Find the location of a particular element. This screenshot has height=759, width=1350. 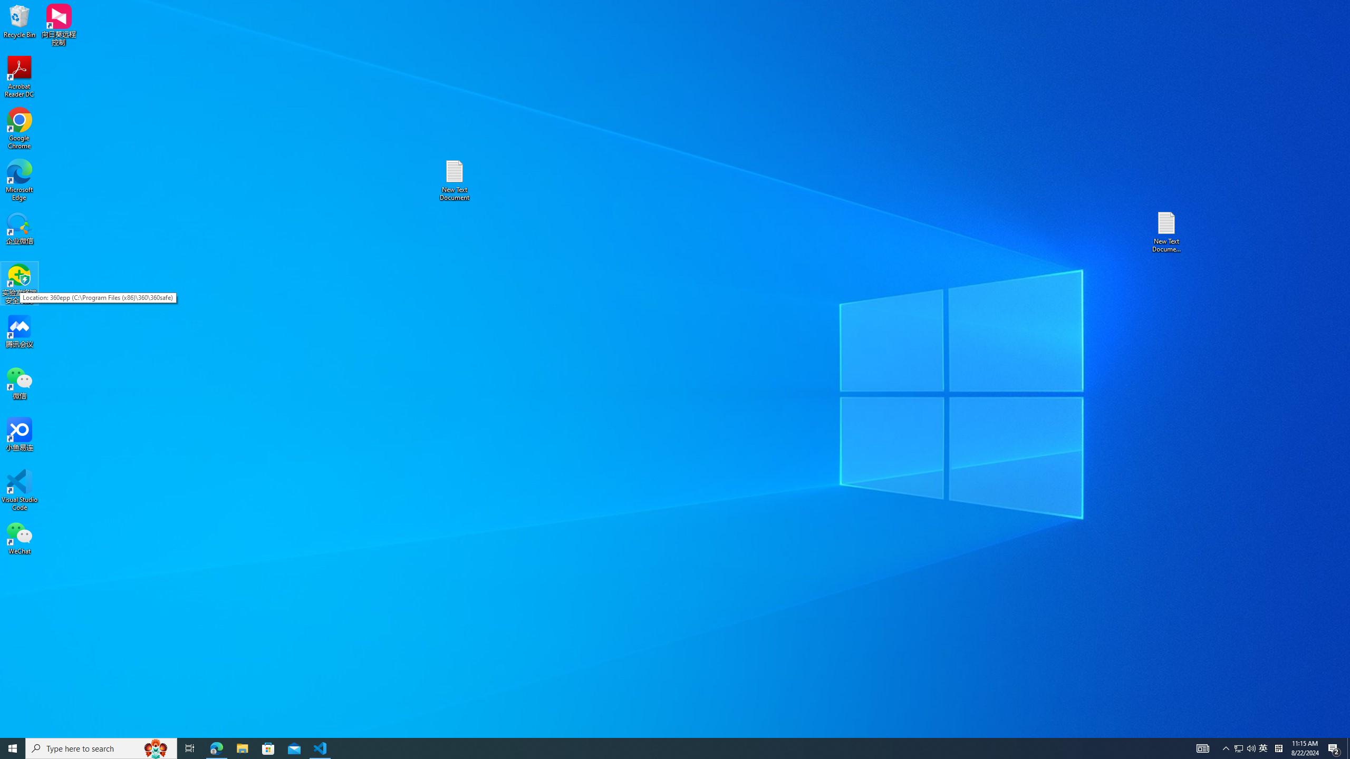

'WeChat' is located at coordinates (19, 537).